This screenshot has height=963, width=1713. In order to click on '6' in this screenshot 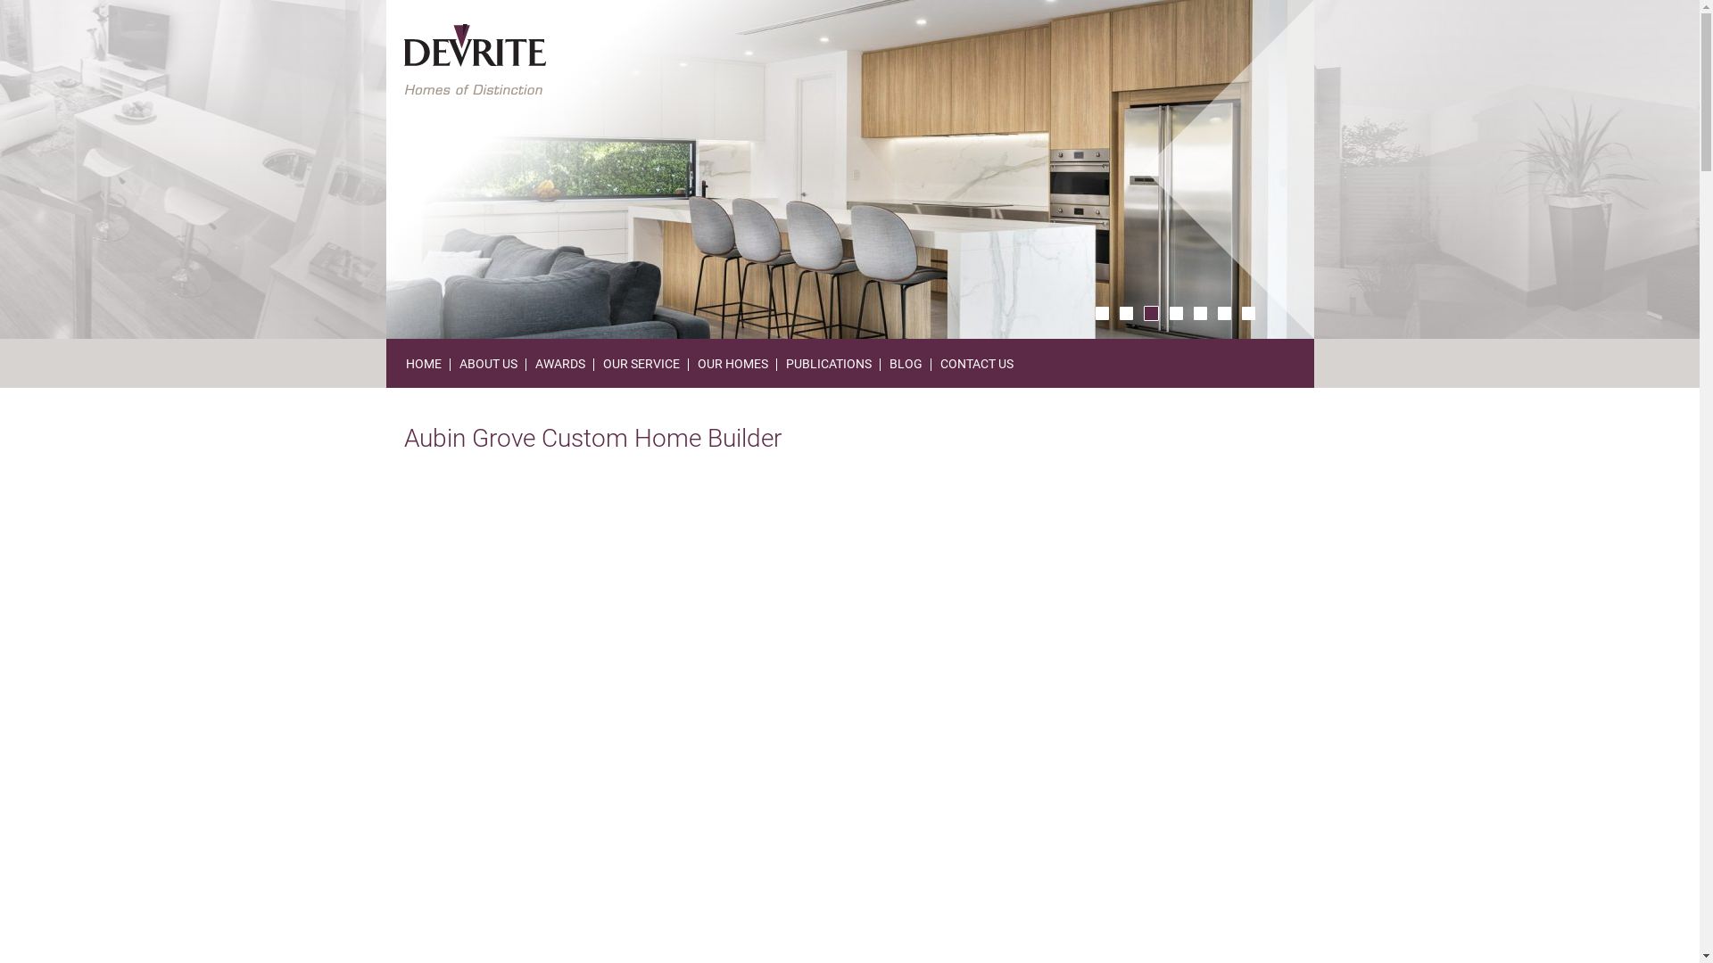, I will do `click(1222, 312)`.